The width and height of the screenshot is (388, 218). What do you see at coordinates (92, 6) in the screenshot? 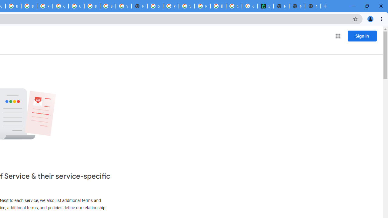
I see `'Browse Chrome as a guest - Computer - Google Chrome Help'` at bounding box center [92, 6].